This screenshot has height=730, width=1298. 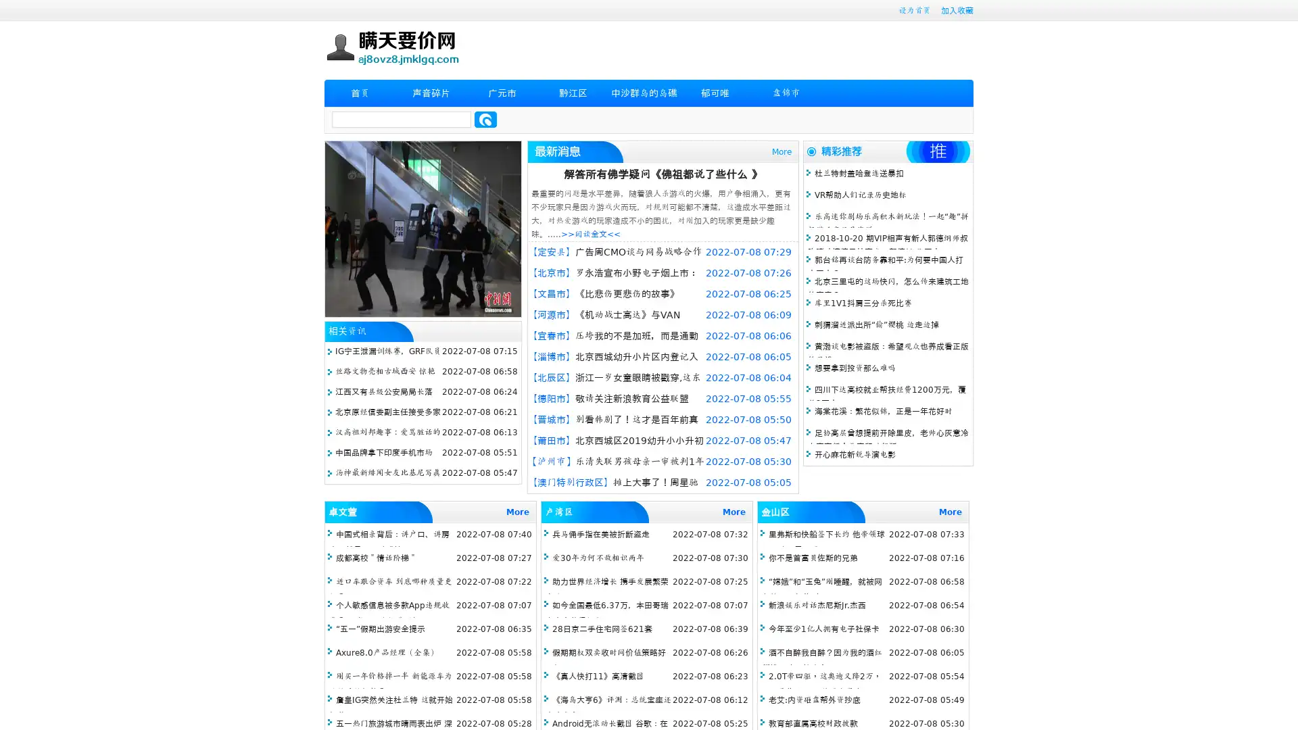 I want to click on Search, so click(x=485, y=119).